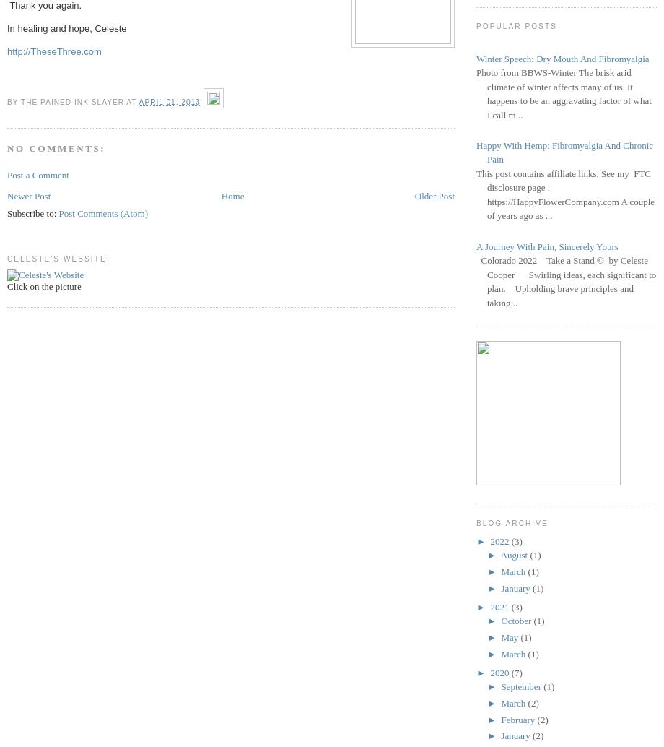 This screenshot has height=747, width=664. Describe the element at coordinates (66, 28) in the screenshot. I see `'In healing and hope, Celeste'` at that location.